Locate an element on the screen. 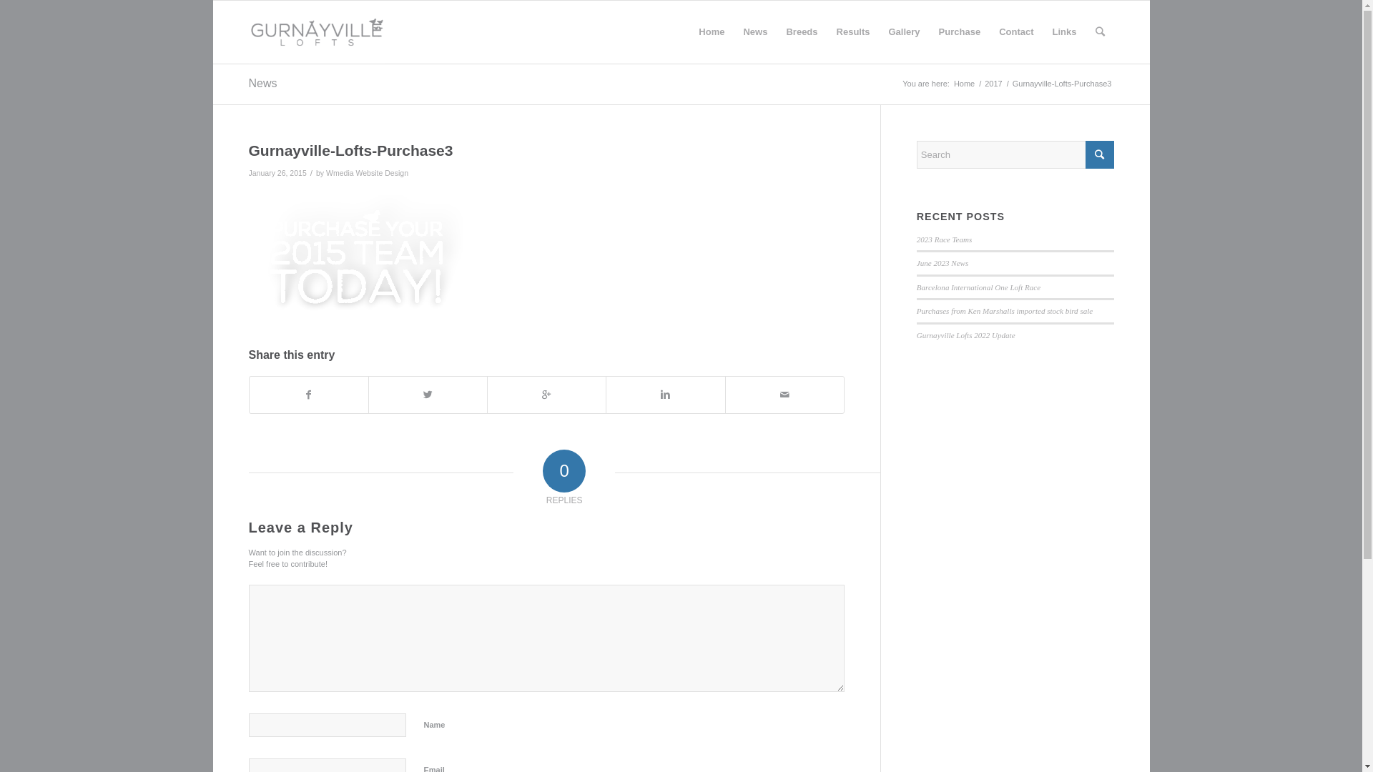  'Contact' is located at coordinates (988, 32).